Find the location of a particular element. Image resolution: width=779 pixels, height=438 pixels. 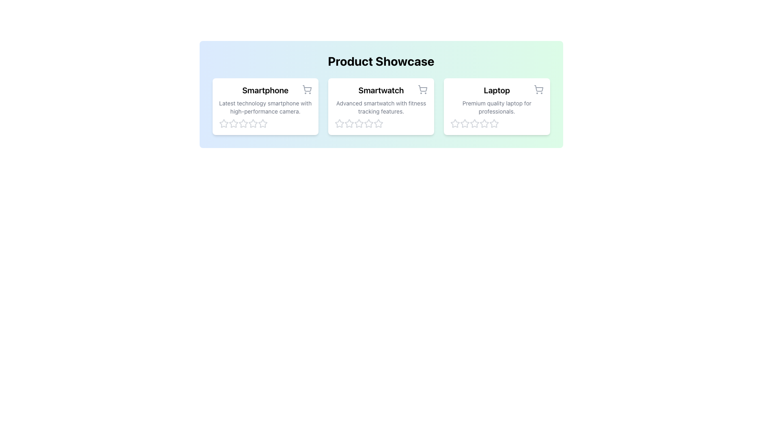

the 'Add to Cart' icon button located in the top-right corner of the product card for the 'Smartwatch' product is located at coordinates (422, 89).